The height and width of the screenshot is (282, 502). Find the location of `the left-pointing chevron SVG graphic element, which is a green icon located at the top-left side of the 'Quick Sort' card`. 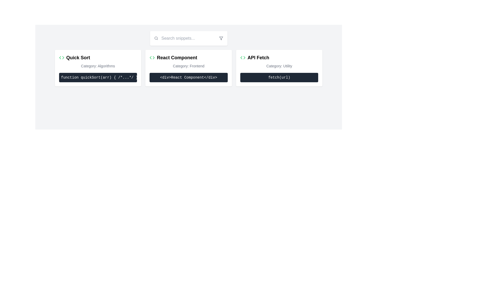

the left-pointing chevron SVG graphic element, which is a green icon located at the top-left side of the 'Quick Sort' card is located at coordinates (150, 57).